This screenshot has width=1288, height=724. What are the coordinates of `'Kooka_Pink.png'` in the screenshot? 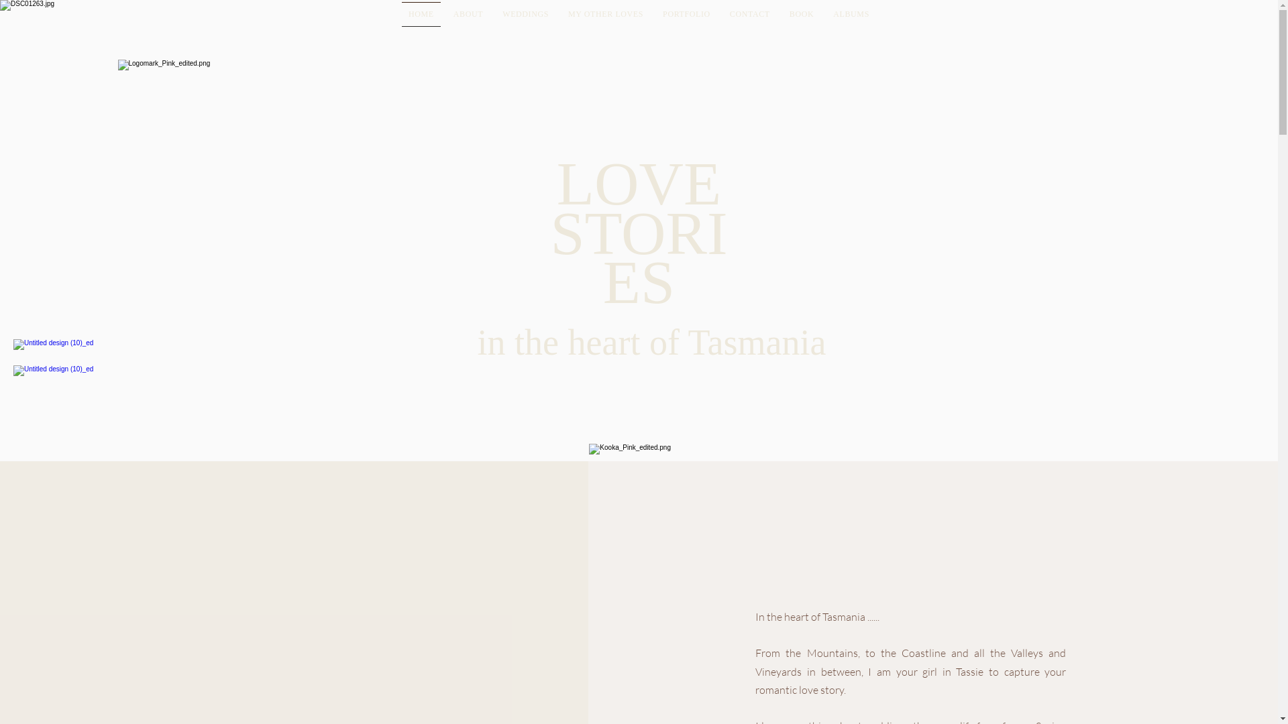 It's located at (659, 473).